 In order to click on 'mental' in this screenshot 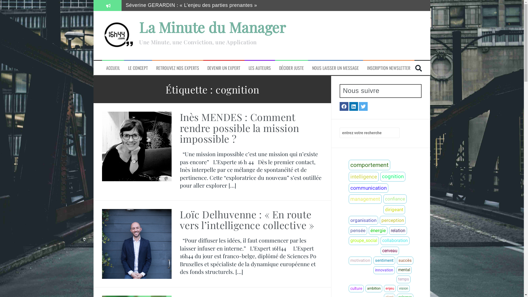, I will do `click(404, 270)`.